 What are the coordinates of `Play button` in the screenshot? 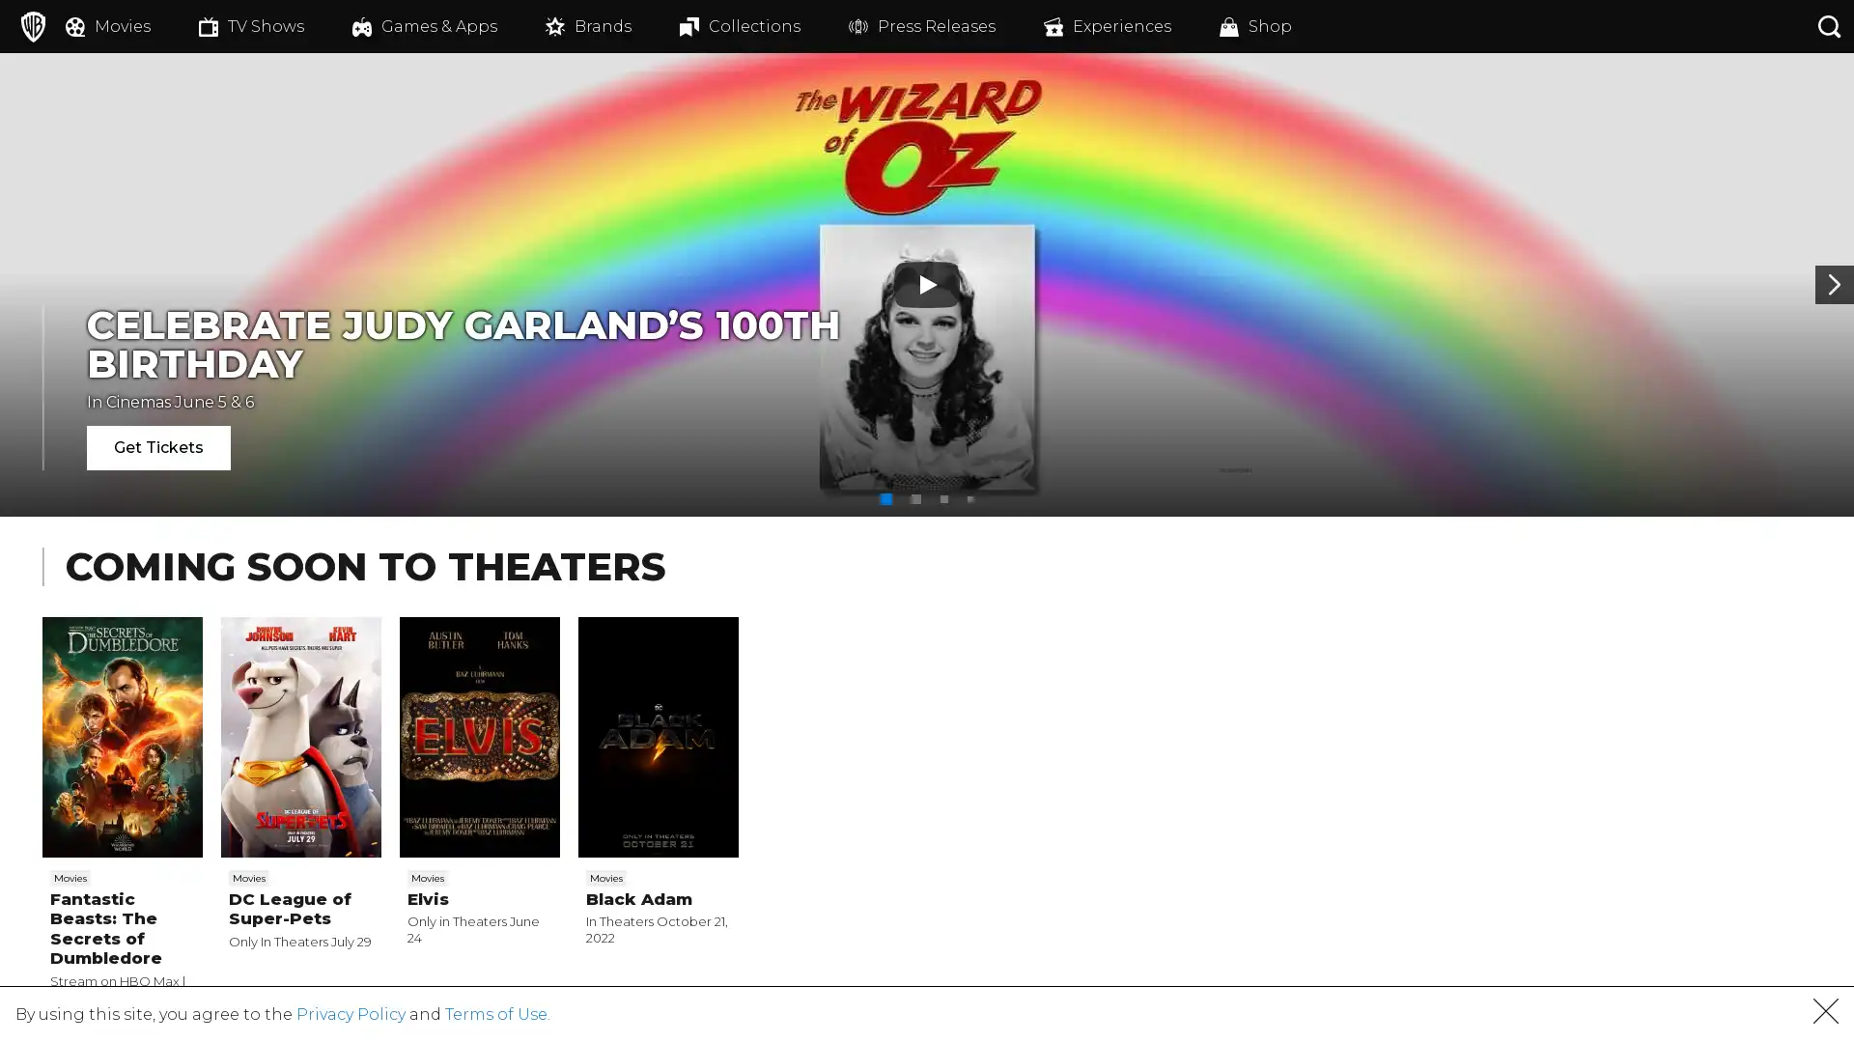 It's located at (927, 284).